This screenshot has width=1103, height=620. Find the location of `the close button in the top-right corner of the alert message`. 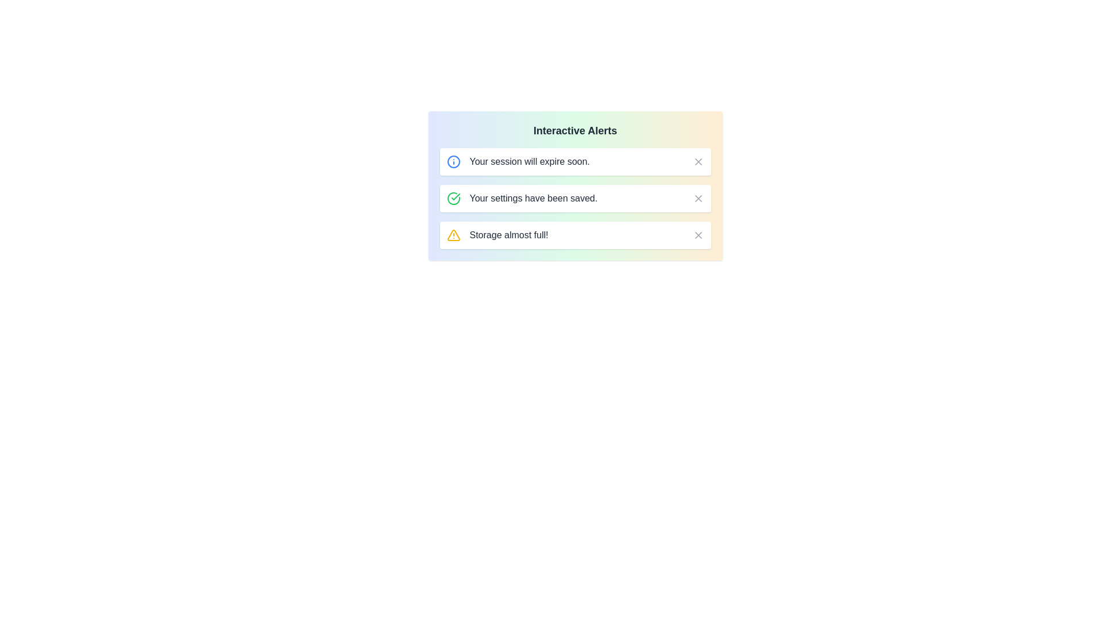

the close button in the top-right corner of the alert message is located at coordinates (697, 161).